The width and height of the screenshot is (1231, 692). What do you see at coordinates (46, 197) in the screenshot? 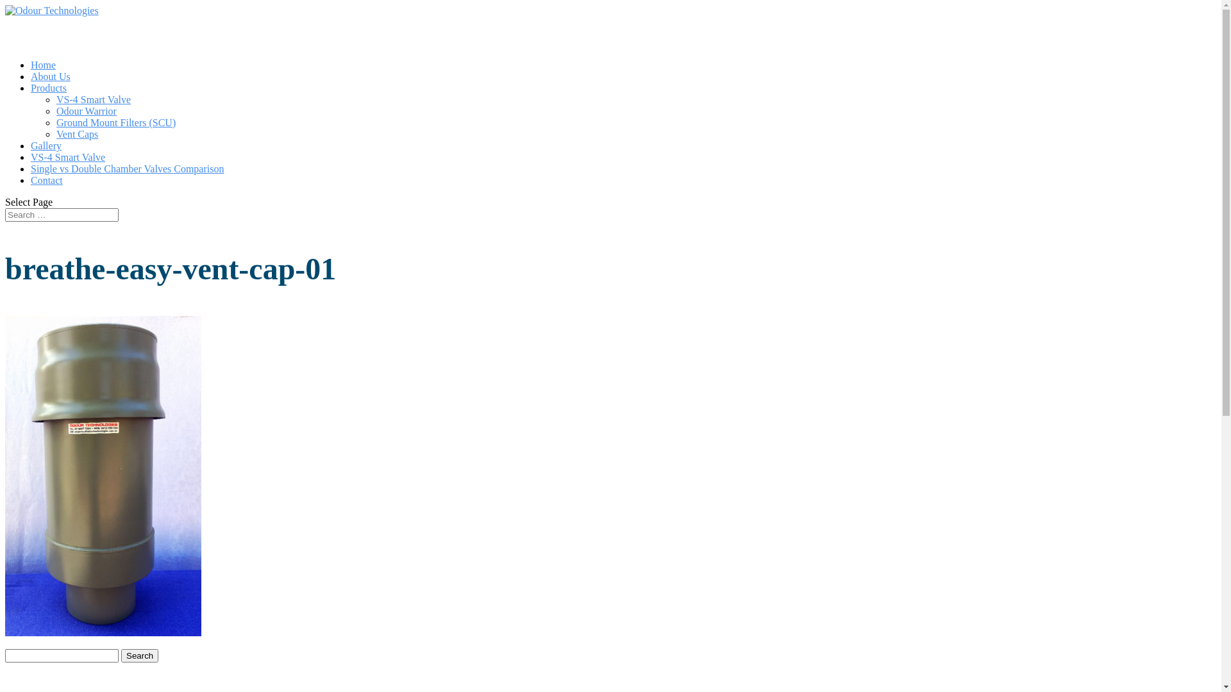
I see `'Contact'` at bounding box center [46, 197].